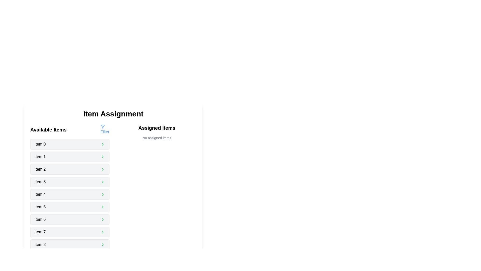  Describe the element at coordinates (102, 232) in the screenshot. I see `the small right-facing chevron arrow icon located in the 'Item 7' row under the 'Available Items' list` at that location.